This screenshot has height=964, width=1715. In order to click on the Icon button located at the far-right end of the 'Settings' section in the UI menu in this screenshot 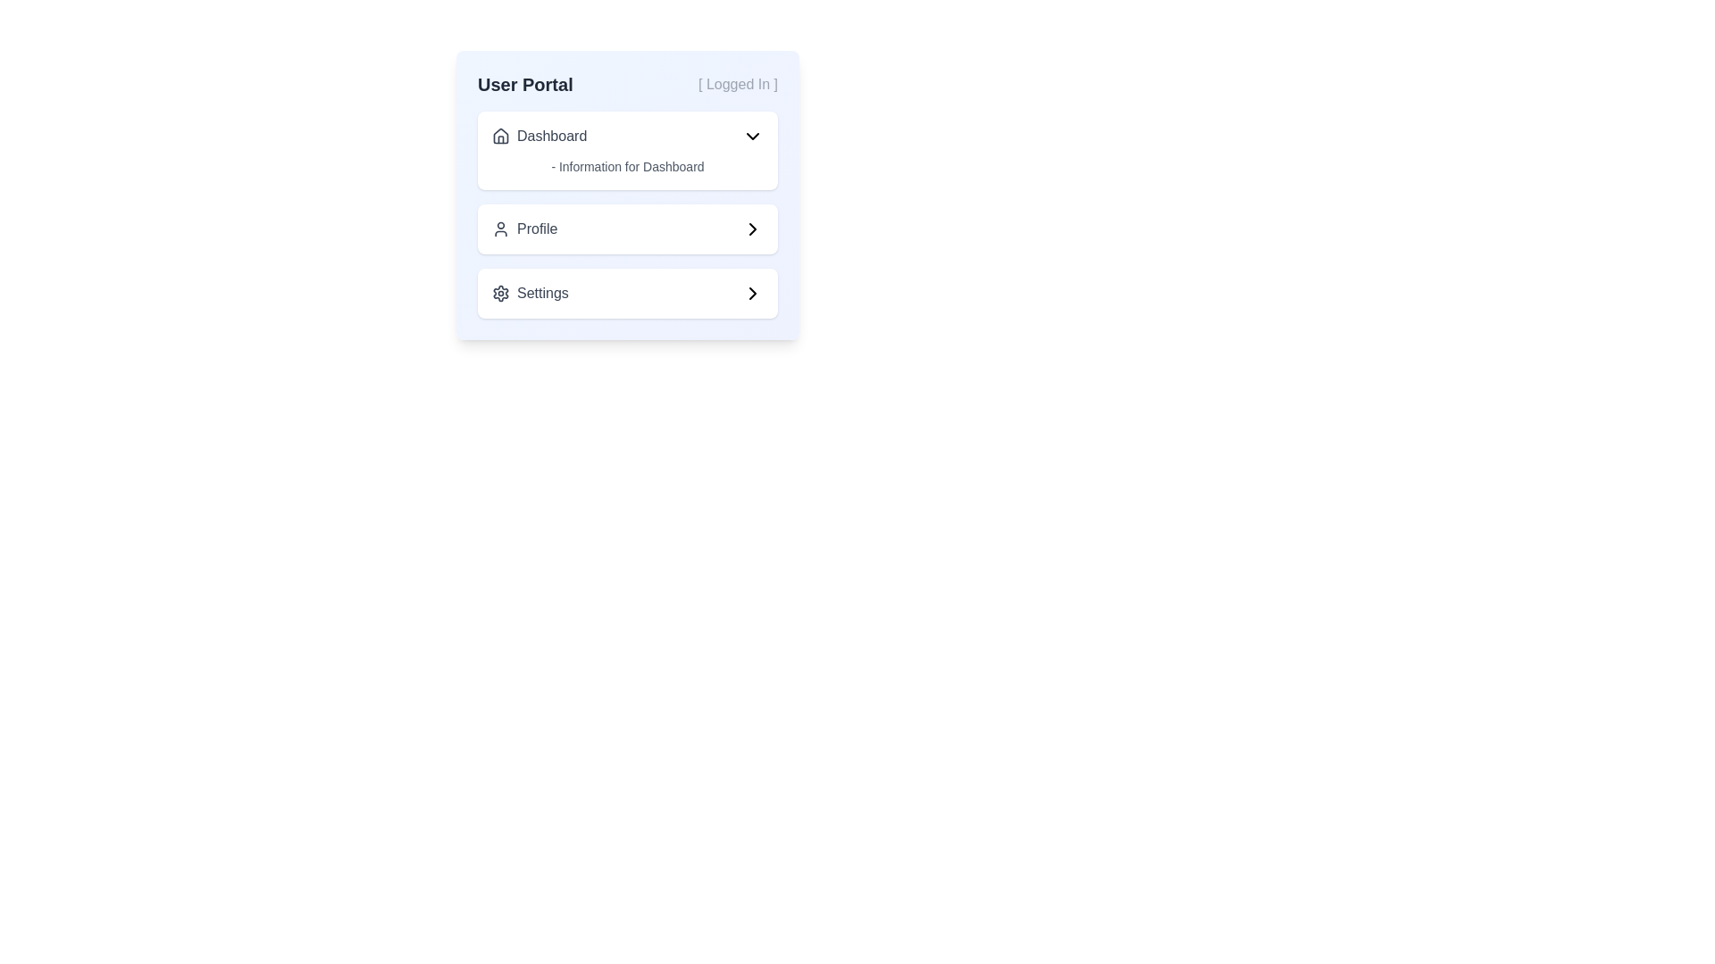, I will do `click(753, 292)`.